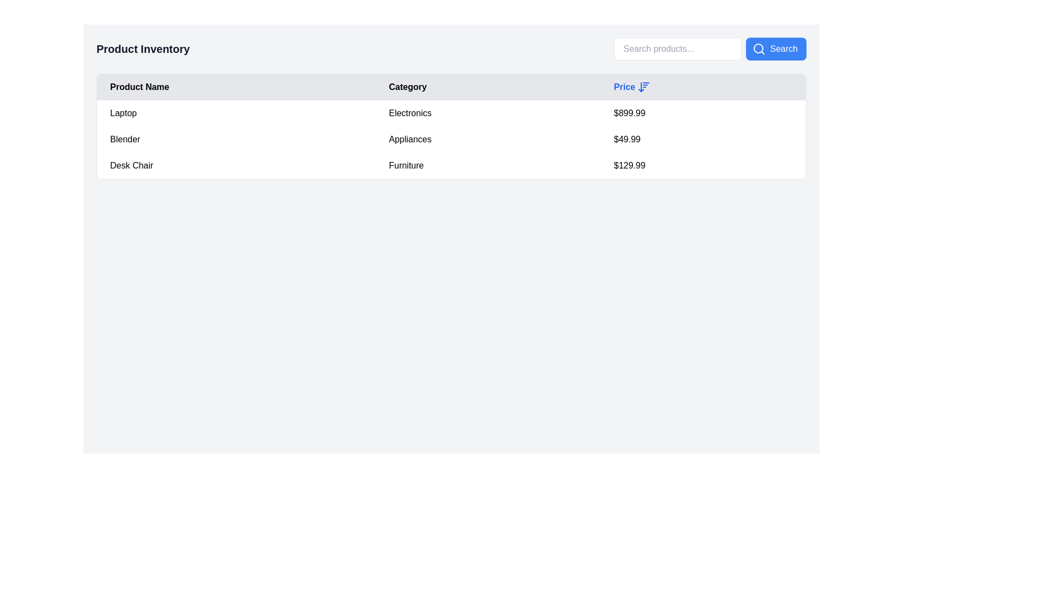 The image size is (1047, 589). Describe the element at coordinates (632, 86) in the screenshot. I see `the 'Price' interactive sortable column header` at that location.